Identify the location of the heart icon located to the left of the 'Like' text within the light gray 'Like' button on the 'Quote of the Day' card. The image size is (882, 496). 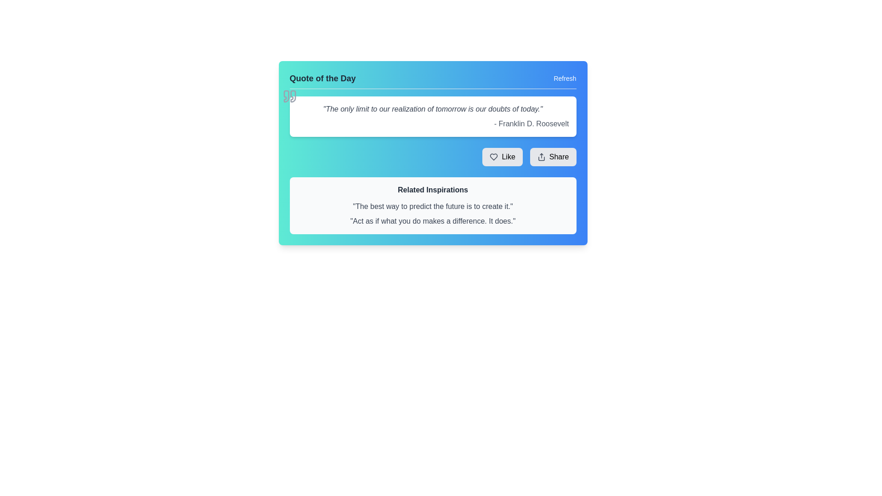
(493, 157).